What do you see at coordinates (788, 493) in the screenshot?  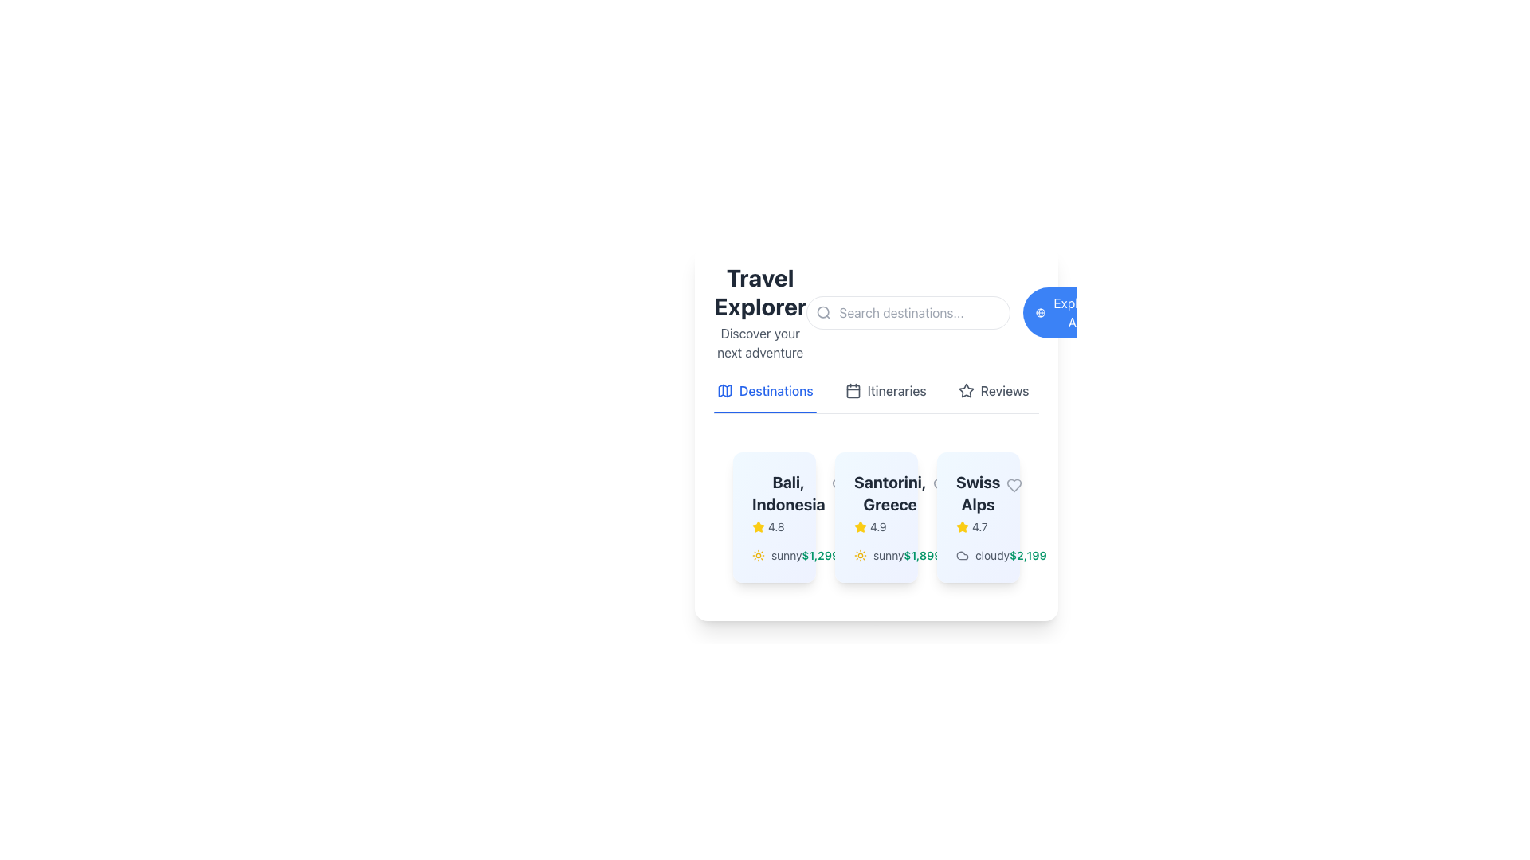 I see `the static text 'Bali, Indonesia' which labels the destination on the first card in the horizontally aligned group of cards` at bounding box center [788, 493].